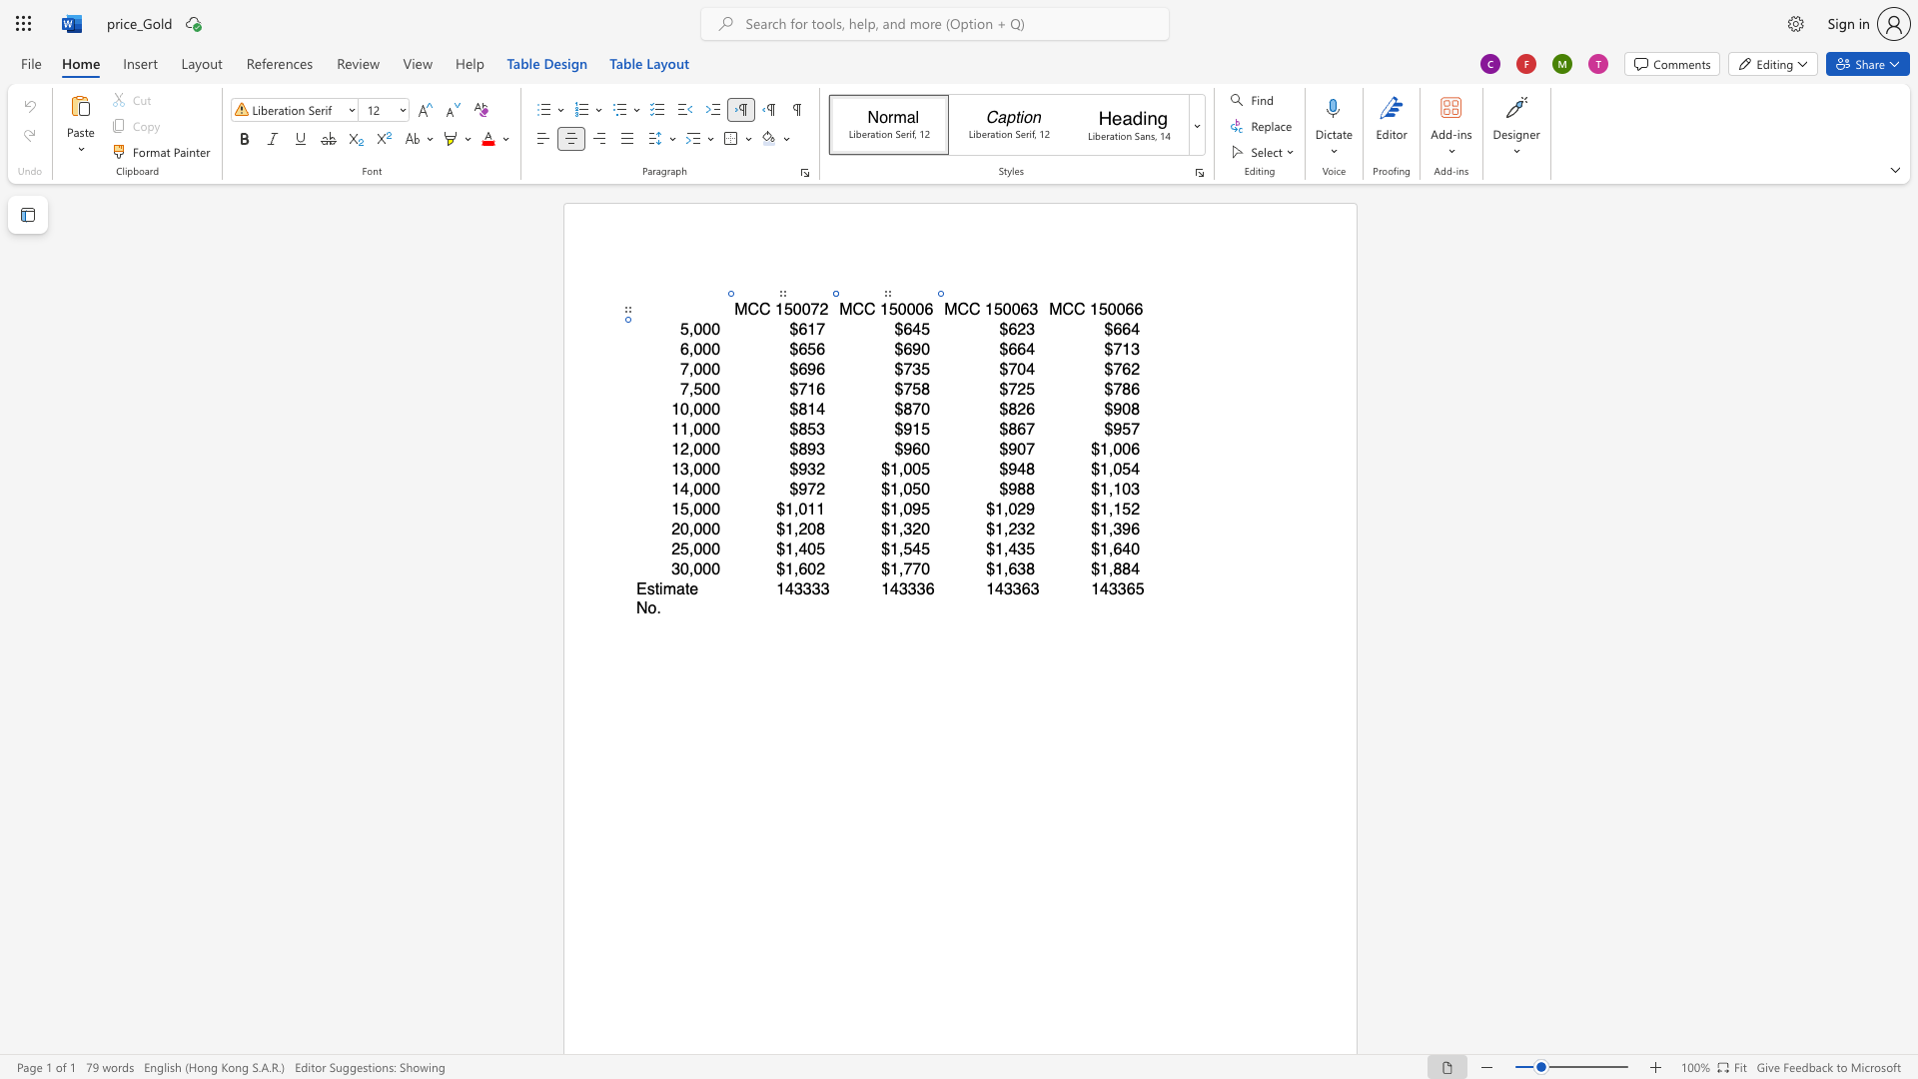 The width and height of the screenshot is (1918, 1079). What do you see at coordinates (998, 309) in the screenshot?
I see `the 1th character "5" in the text` at bounding box center [998, 309].